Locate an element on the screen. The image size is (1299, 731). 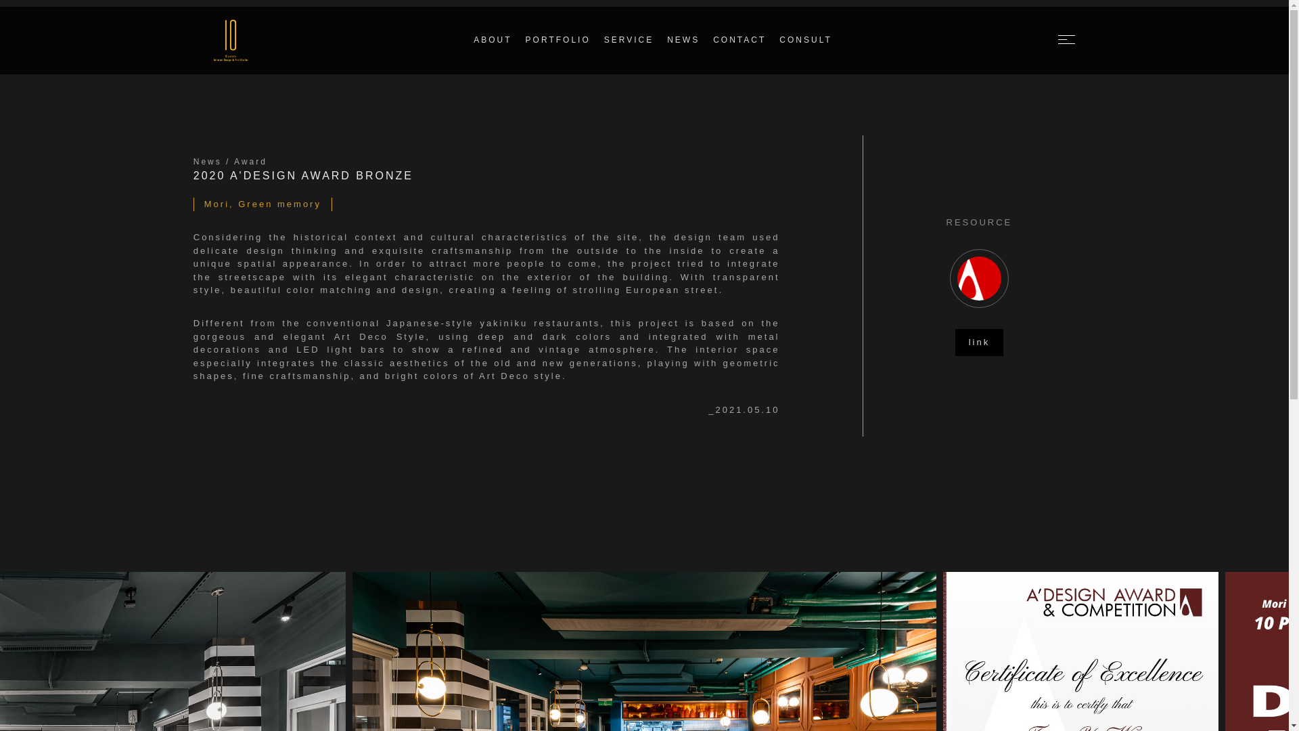
'NEWS' is located at coordinates (683, 45).